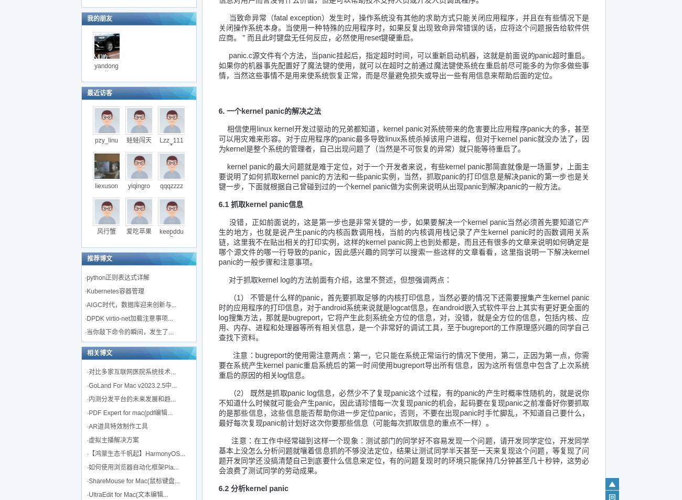  What do you see at coordinates (133, 481) in the screenshot?
I see `'ShareMouse for Mac(鼠标键盘...'` at bounding box center [133, 481].